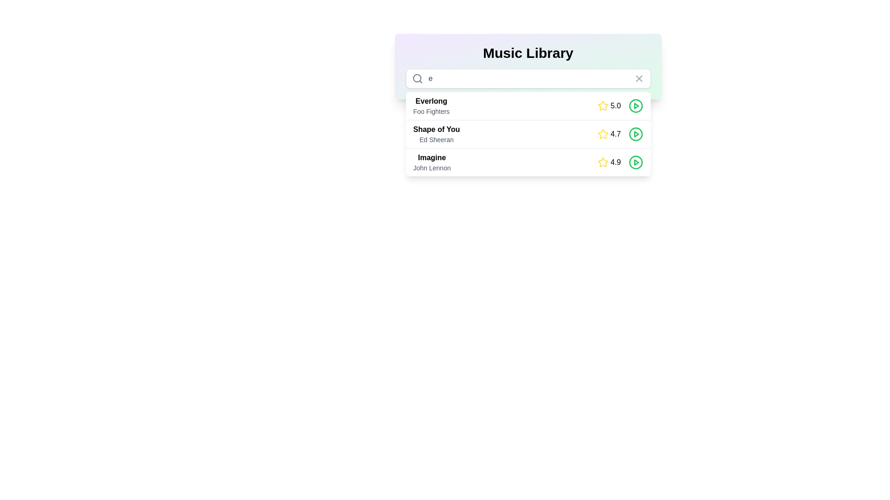 This screenshot has width=890, height=500. Describe the element at coordinates (436, 139) in the screenshot. I see `the Text Label displaying the name of the artist associated with the musical track 'Shape of You', located in the second row beneath the title` at that location.